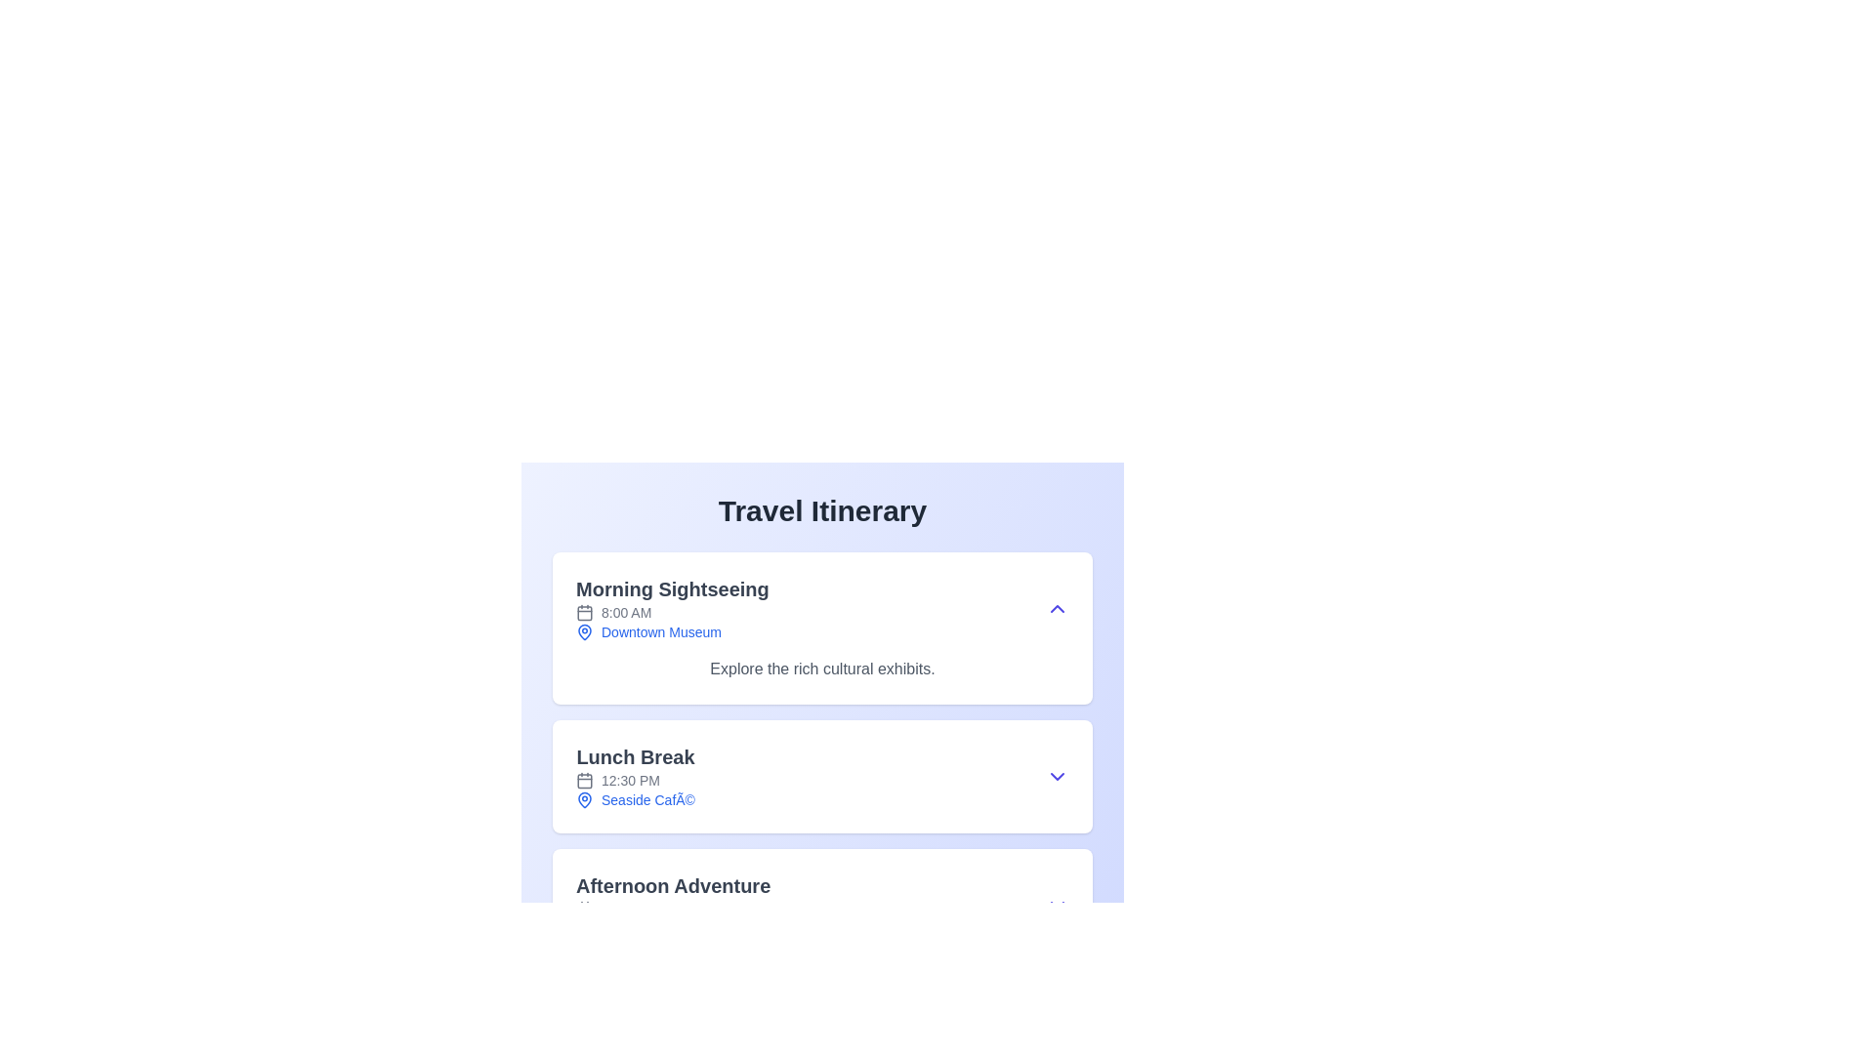 This screenshot has width=1875, height=1054. What do you see at coordinates (822, 775) in the screenshot?
I see `the location in the Information display section of the Travel Itinerary, which is the second entry after 'Morning Sightseeing' and before 'Afternoon Adventure'` at bounding box center [822, 775].